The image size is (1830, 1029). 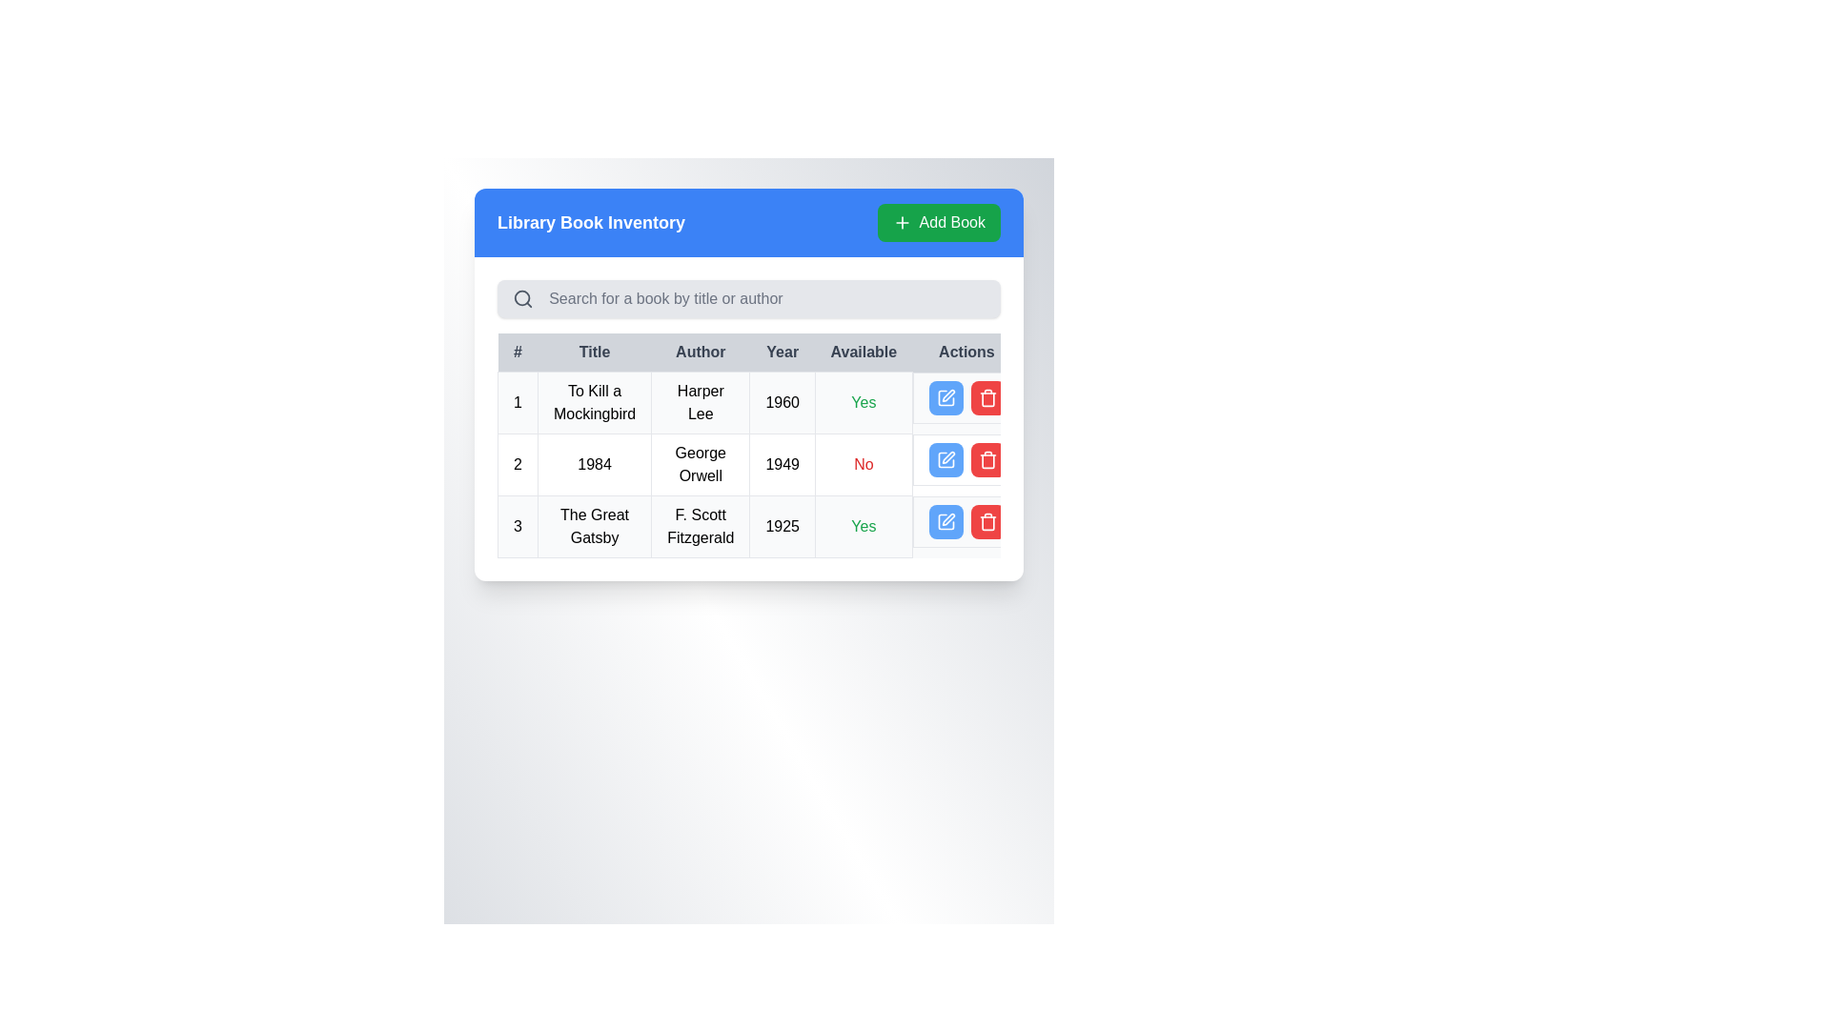 What do you see at coordinates (759, 402) in the screenshot?
I see `the first row of the library inventory table` at bounding box center [759, 402].